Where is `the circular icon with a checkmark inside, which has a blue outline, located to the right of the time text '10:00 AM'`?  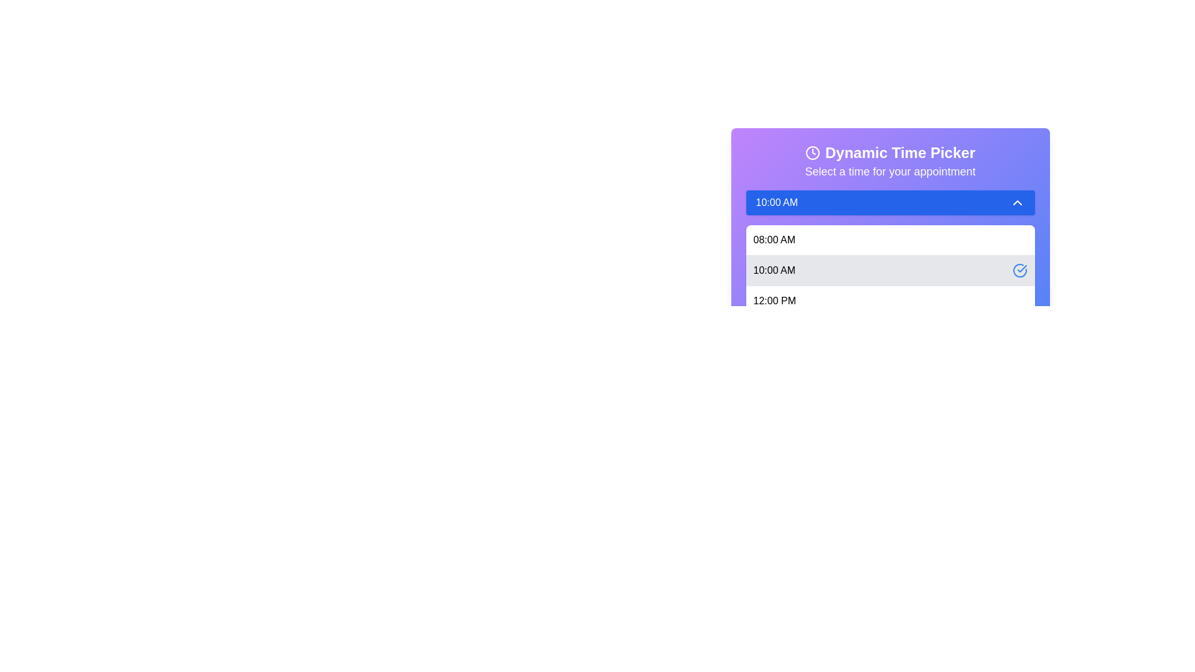 the circular icon with a checkmark inside, which has a blue outline, located to the right of the time text '10:00 AM' is located at coordinates (1019, 270).